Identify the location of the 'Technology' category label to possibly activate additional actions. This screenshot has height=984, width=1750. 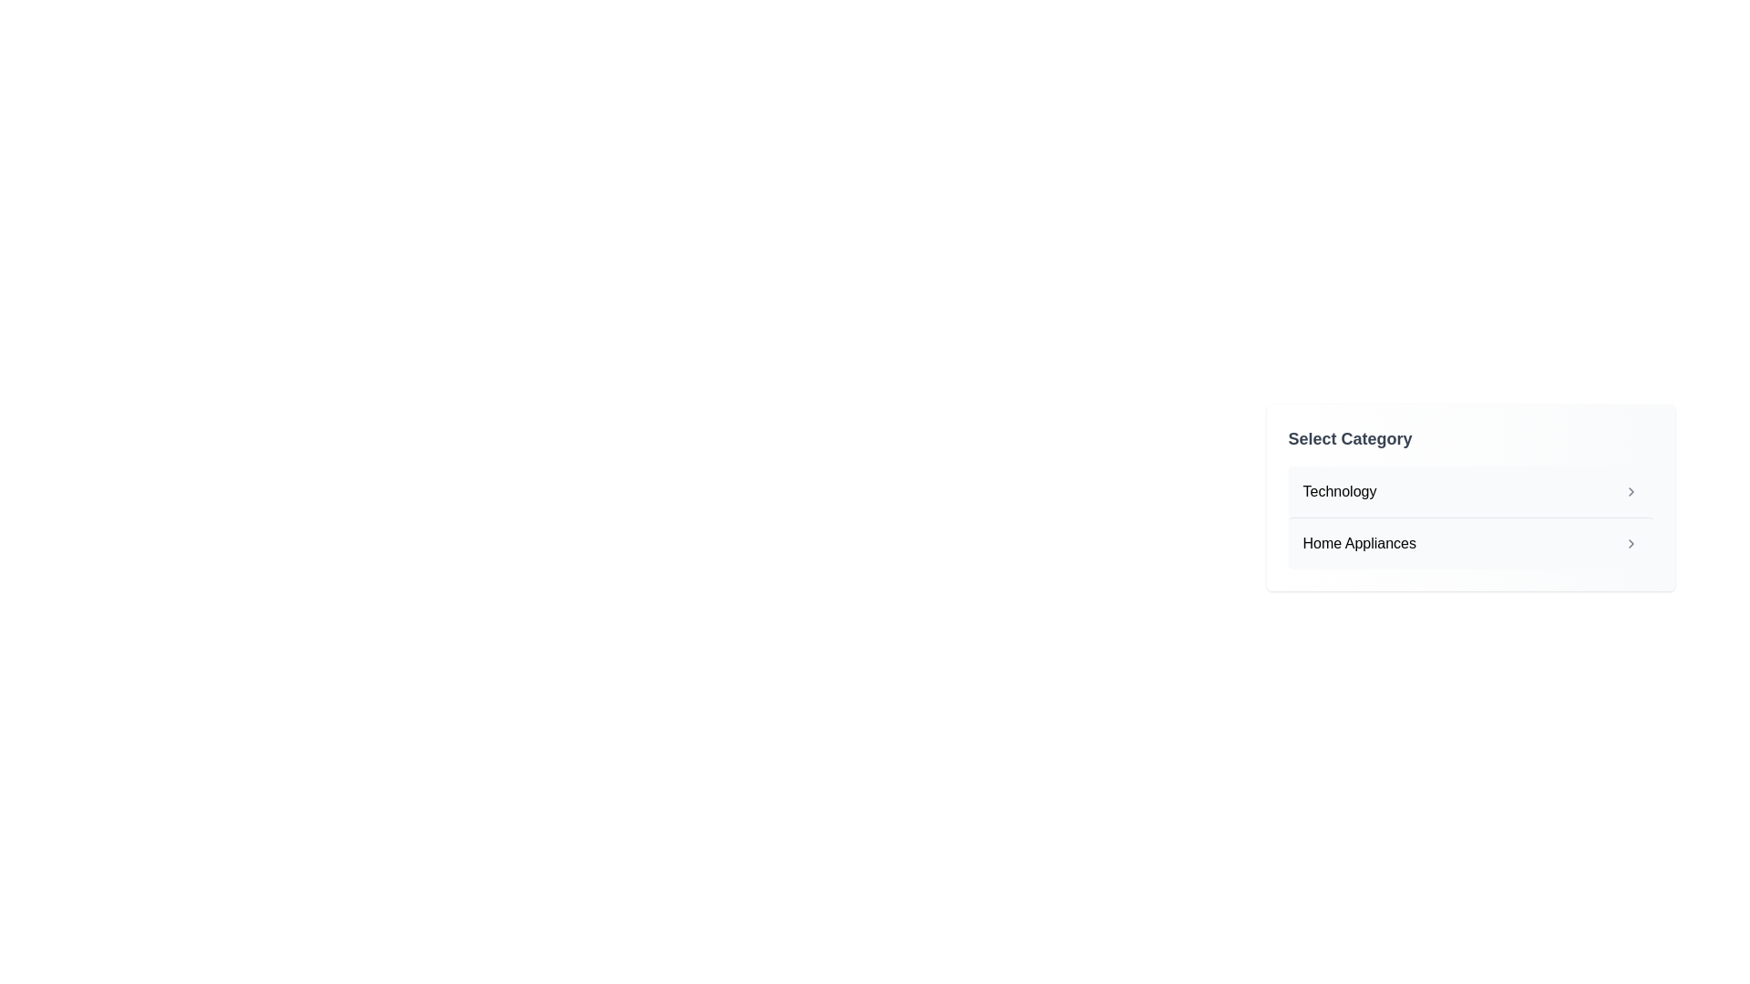
(1339, 492).